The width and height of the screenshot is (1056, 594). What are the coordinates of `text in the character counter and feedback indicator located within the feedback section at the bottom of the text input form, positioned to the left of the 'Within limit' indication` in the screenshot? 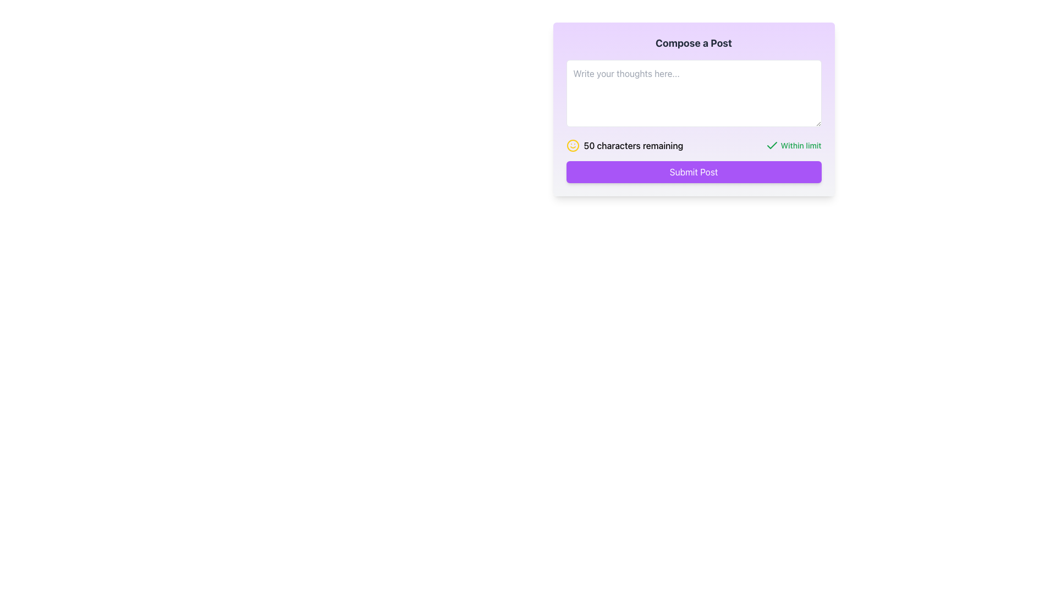 It's located at (624, 145).